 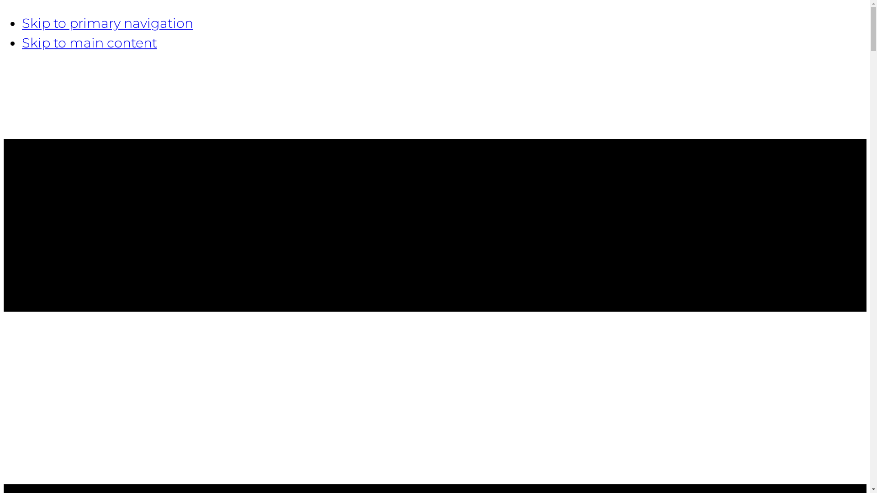 I want to click on 'Skip to main content', so click(x=90, y=42).